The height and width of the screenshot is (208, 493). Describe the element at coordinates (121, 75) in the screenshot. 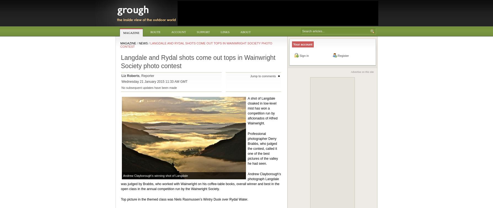

I see `'Liz Roberts'` at that location.